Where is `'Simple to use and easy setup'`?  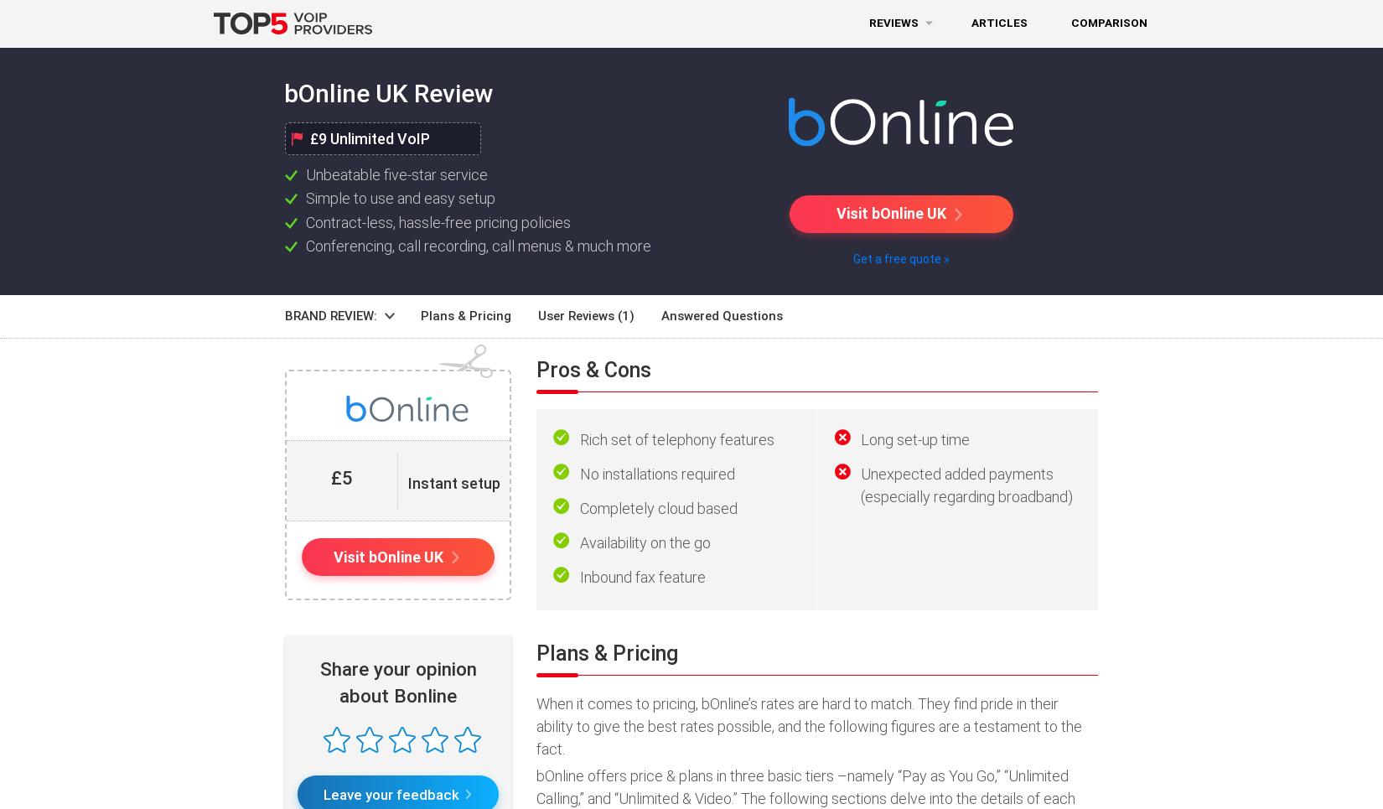 'Simple to use and easy setup' is located at coordinates (400, 197).